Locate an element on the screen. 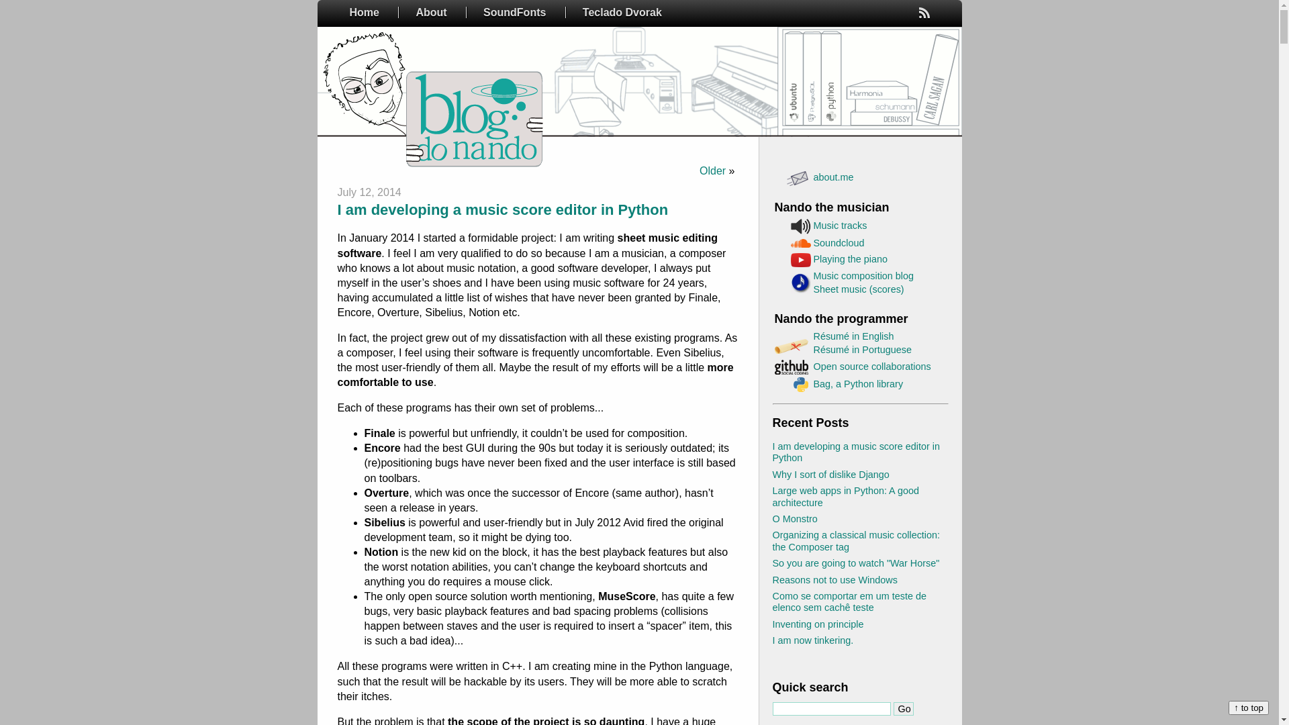 The image size is (1289, 725). 'O Monstro' is located at coordinates (794, 518).